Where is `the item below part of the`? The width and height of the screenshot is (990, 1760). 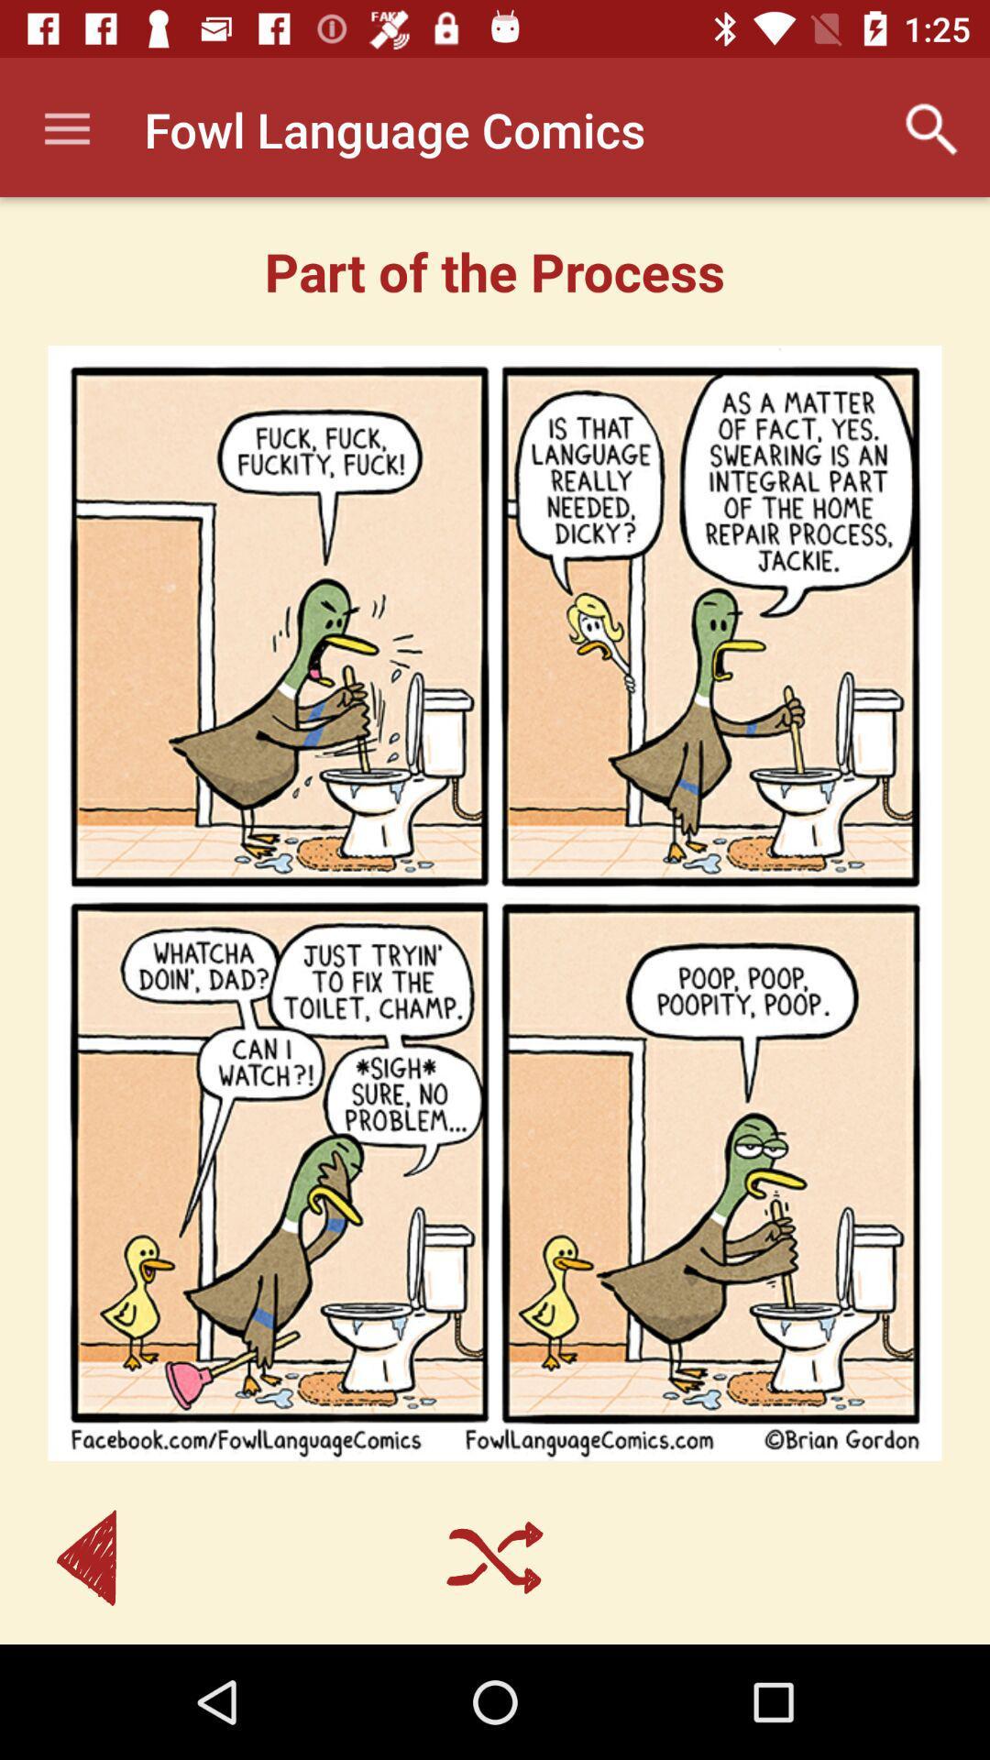 the item below part of the is located at coordinates (495, 903).